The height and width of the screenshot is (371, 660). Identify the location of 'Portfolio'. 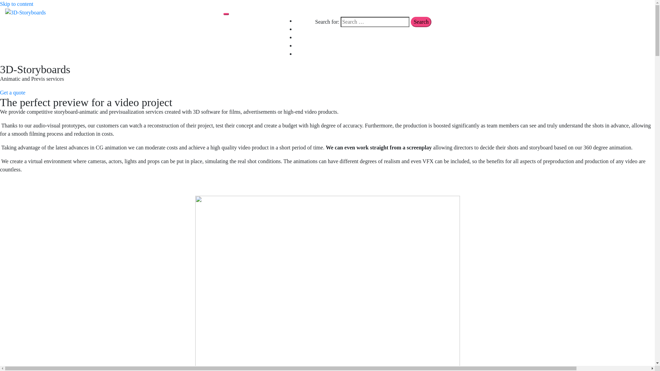
(305, 37).